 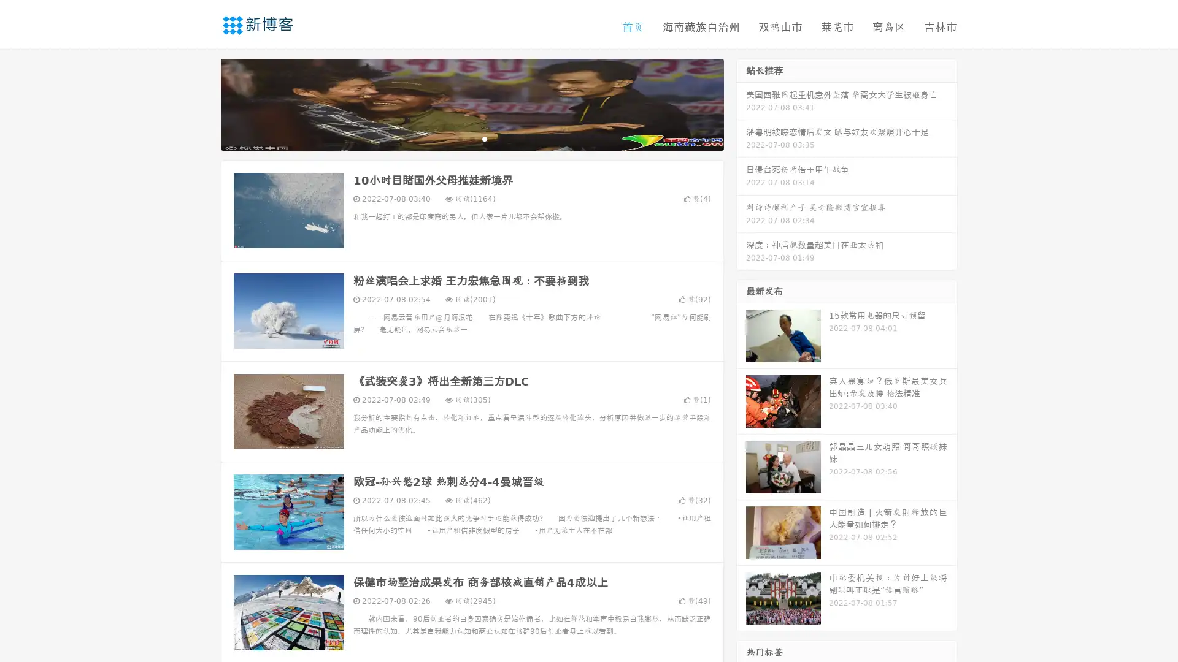 What do you see at coordinates (459, 138) in the screenshot?
I see `Go to slide 1` at bounding box center [459, 138].